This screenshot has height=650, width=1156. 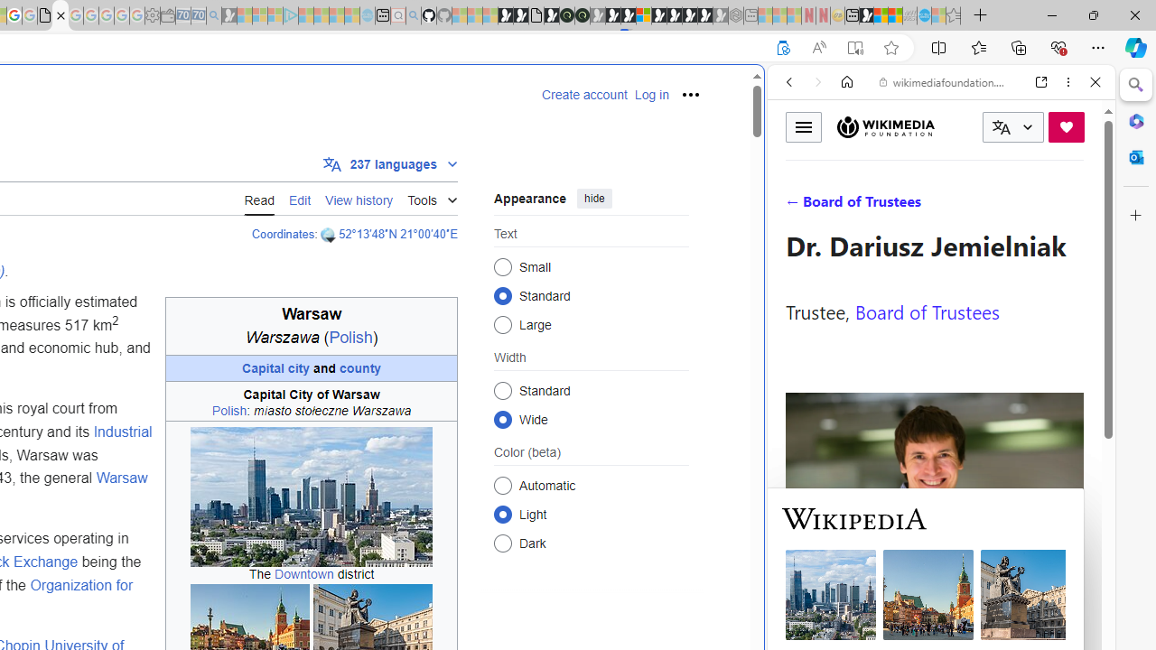 I want to click on 'CURRENT LANGUAGE:', so click(x=1012, y=126).